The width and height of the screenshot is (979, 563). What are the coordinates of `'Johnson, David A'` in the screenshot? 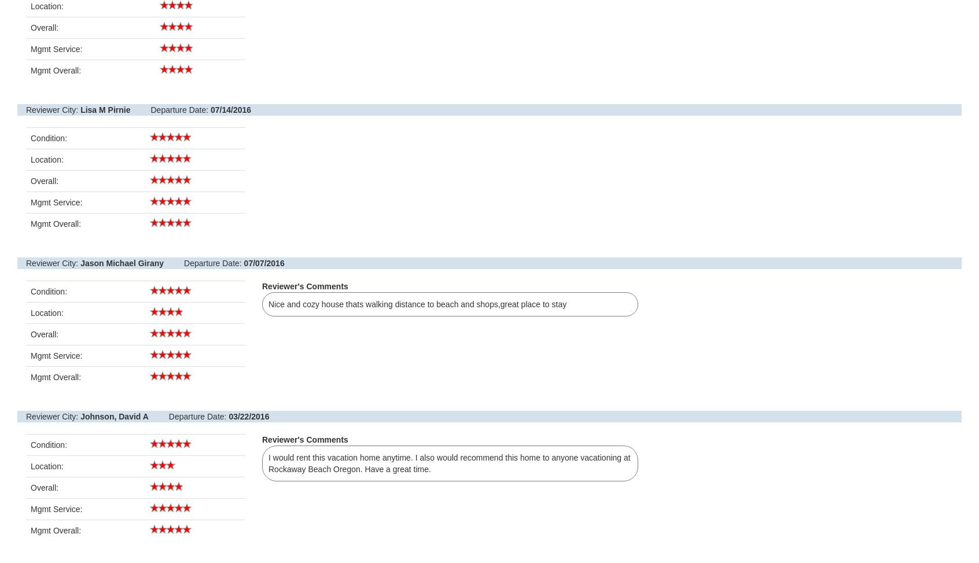 It's located at (113, 417).